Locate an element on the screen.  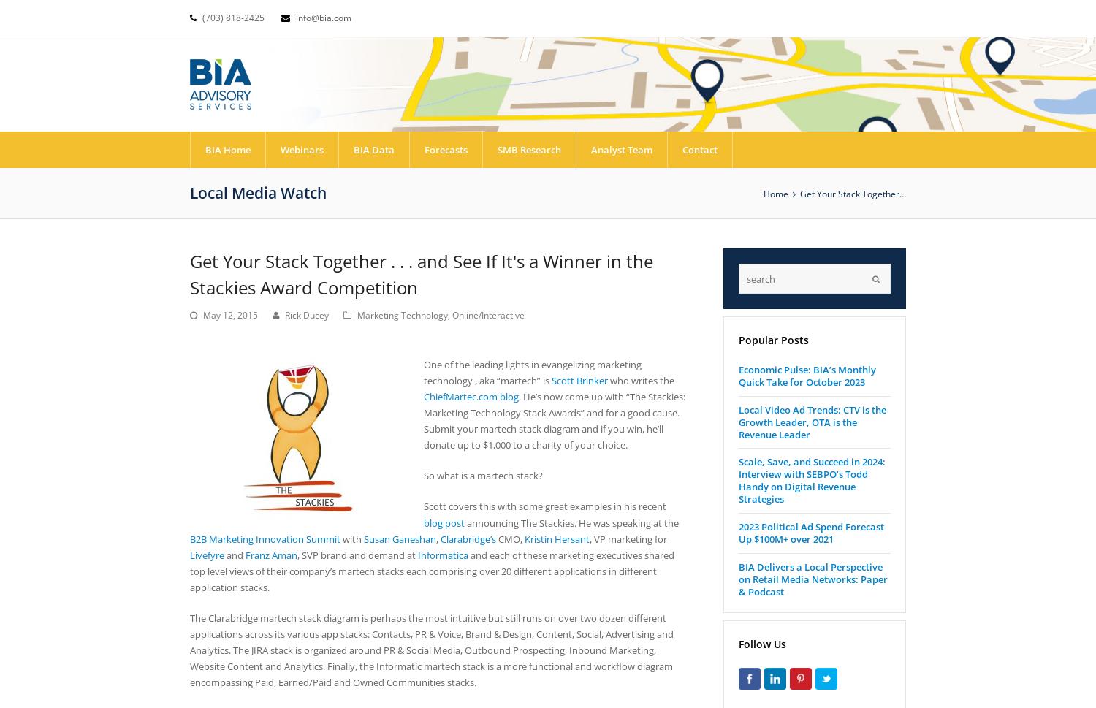
'Local Video Ad Trends: CTV is the Growth Leader, OTA is the Revenue Leader' is located at coordinates (811, 421).